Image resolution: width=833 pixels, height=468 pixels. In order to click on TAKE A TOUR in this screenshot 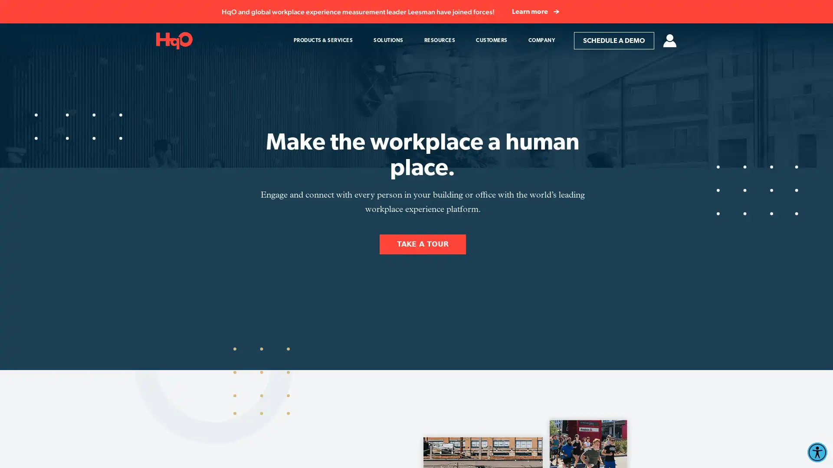, I will do `click(423, 244)`.